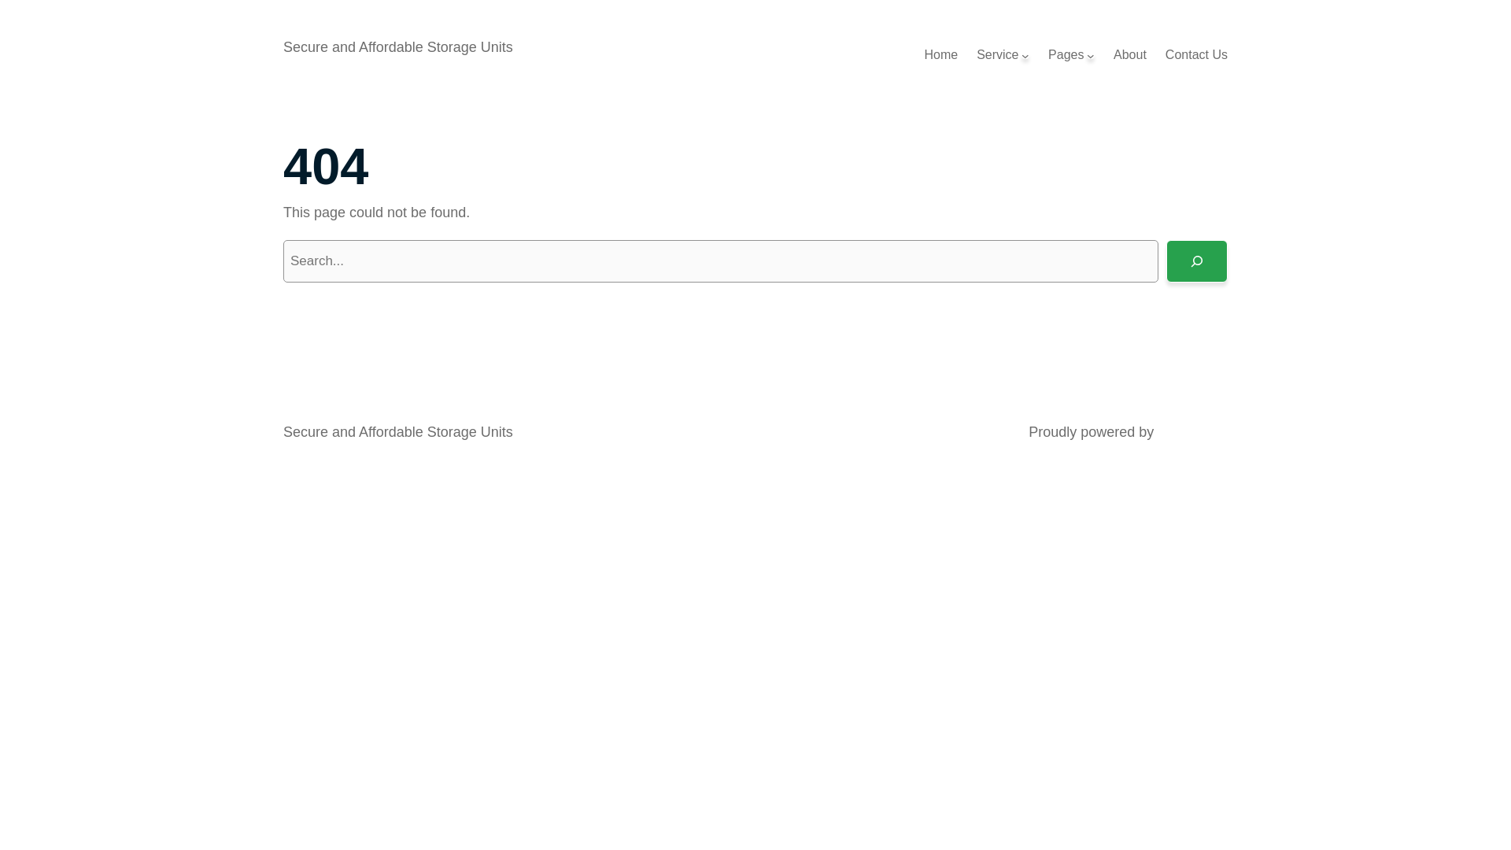 This screenshot has width=1511, height=850. I want to click on 'Secure and Affordable Storage Units', so click(397, 431).